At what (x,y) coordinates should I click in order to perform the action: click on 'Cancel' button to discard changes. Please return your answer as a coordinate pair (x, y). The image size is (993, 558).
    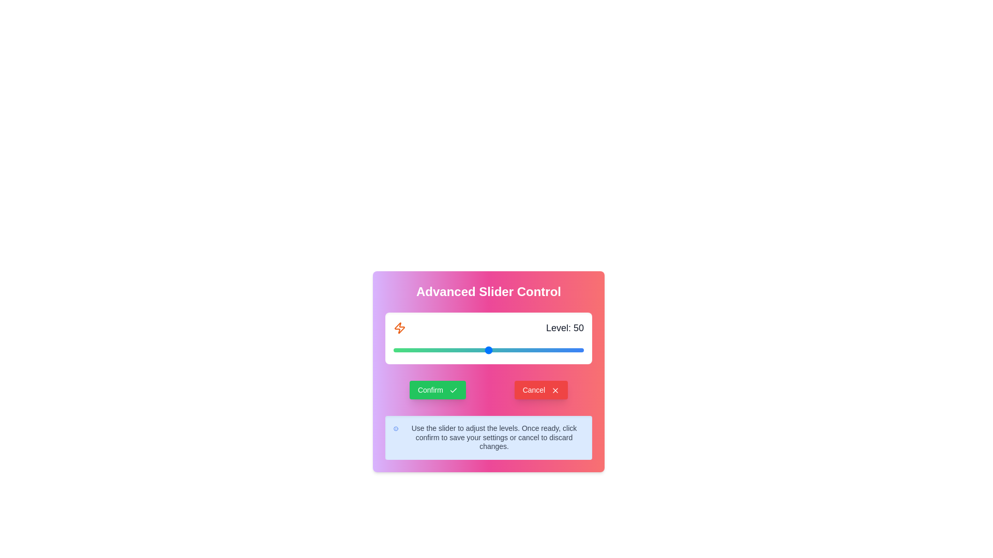
    Looking at the image, I should click on (540, 390).